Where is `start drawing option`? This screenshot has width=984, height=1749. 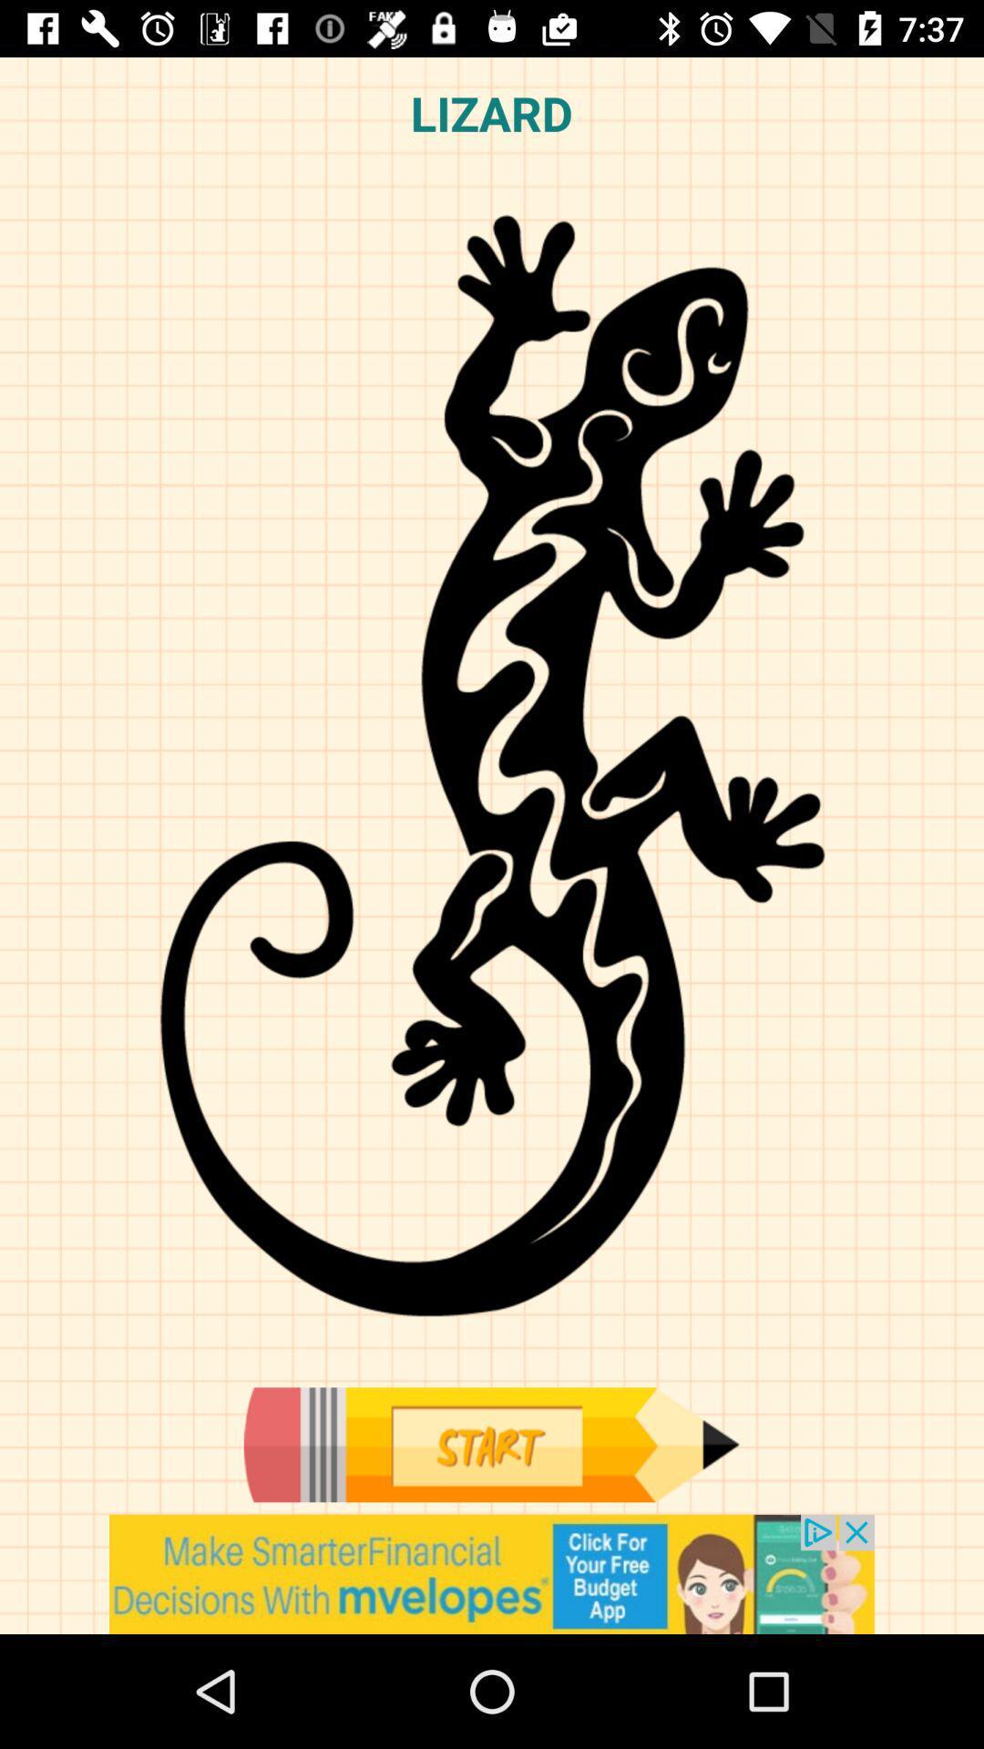 start drawing option is located at coordinates (490, 1444).